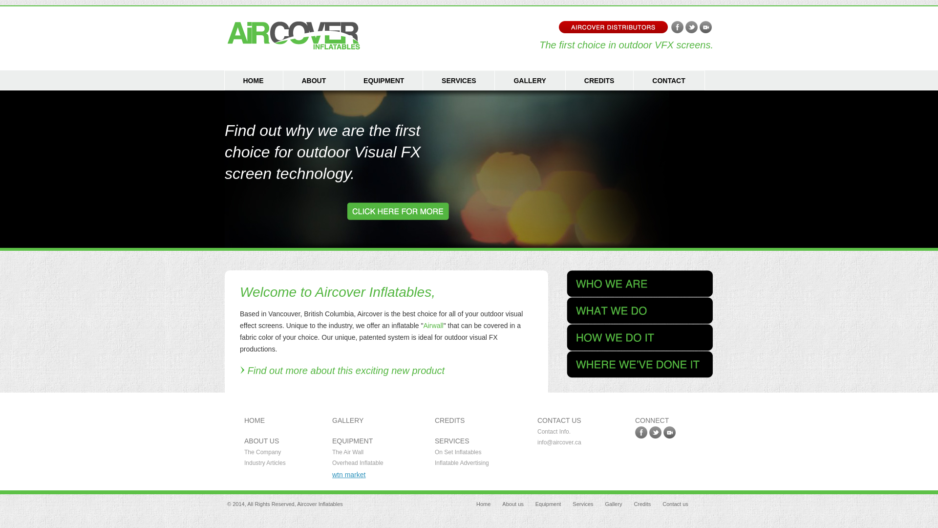 This screenshot has height=528, width=938. I want to click on 'CONTACT', so click(668, 80).